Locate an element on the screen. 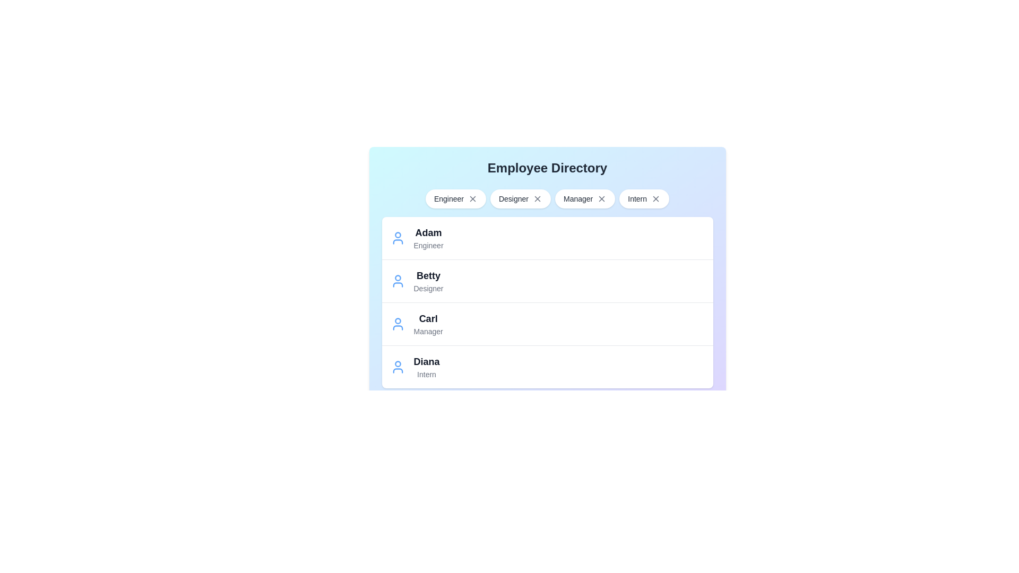  close button next to the role Engineer to remove it is located at coordinates (472, 198).